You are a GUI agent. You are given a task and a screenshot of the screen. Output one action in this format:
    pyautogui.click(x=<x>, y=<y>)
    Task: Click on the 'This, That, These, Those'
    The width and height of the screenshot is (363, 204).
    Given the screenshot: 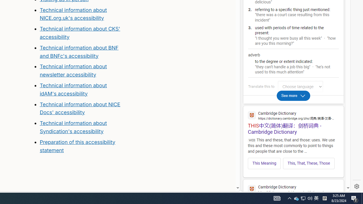 What is the action you would take?
    pyautogui.click(x=308, y=163)
    